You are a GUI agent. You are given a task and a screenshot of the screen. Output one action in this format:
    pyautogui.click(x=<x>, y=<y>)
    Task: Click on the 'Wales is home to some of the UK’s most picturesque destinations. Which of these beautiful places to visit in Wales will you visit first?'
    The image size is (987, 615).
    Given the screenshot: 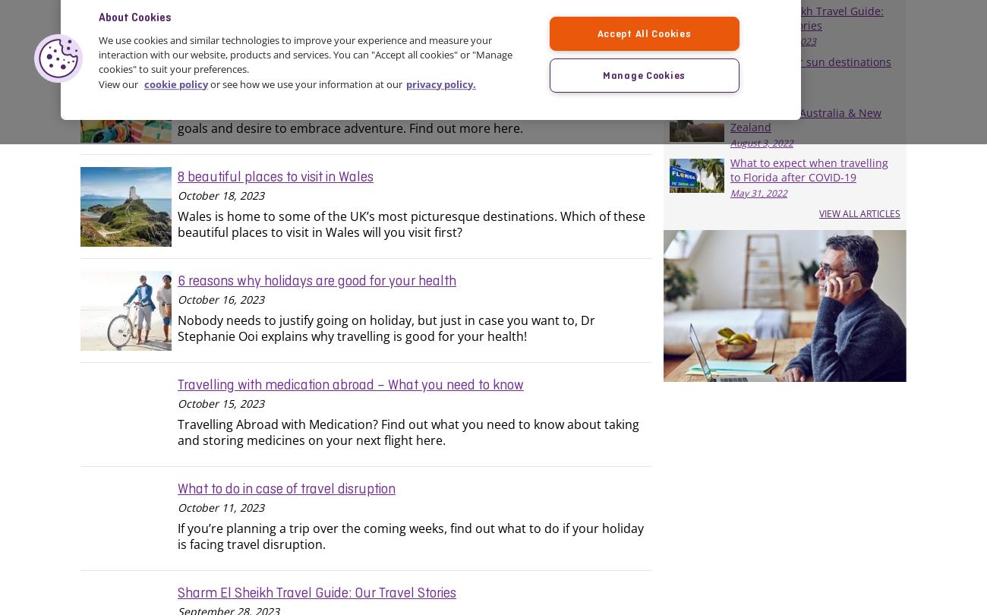 What is the action you would take?
    pyautogui.click(x=411, y=223)
    